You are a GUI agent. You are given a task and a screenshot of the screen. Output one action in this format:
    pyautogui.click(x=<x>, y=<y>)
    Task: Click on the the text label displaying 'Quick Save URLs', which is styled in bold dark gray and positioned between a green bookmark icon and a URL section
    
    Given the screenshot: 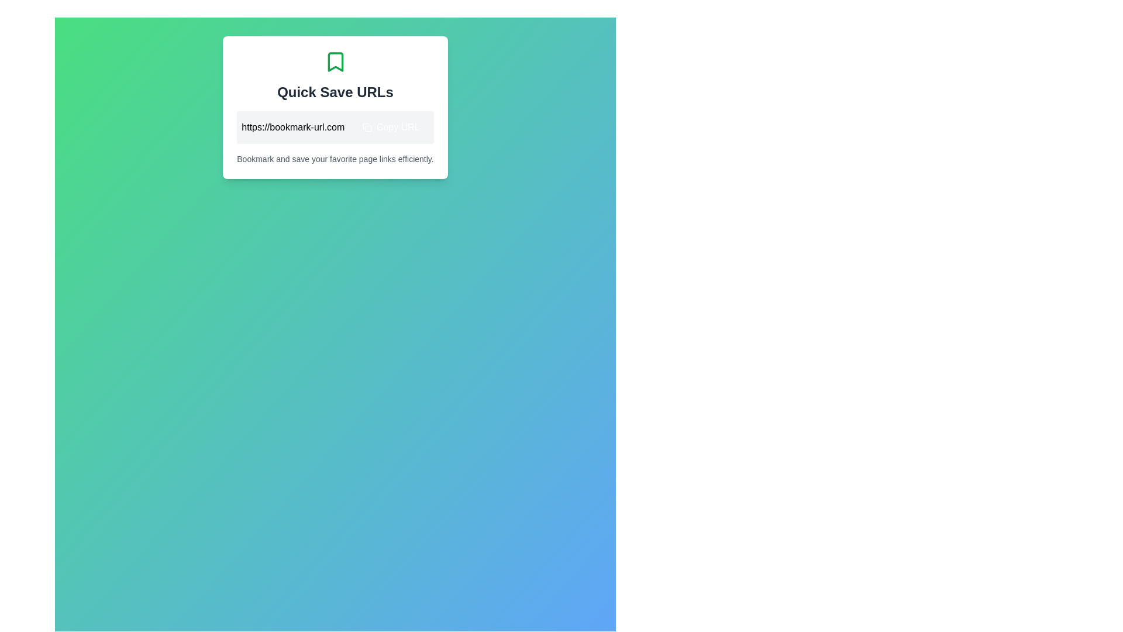 What is the action you would take?
    pyautogui.click(x=335, y=92)
    